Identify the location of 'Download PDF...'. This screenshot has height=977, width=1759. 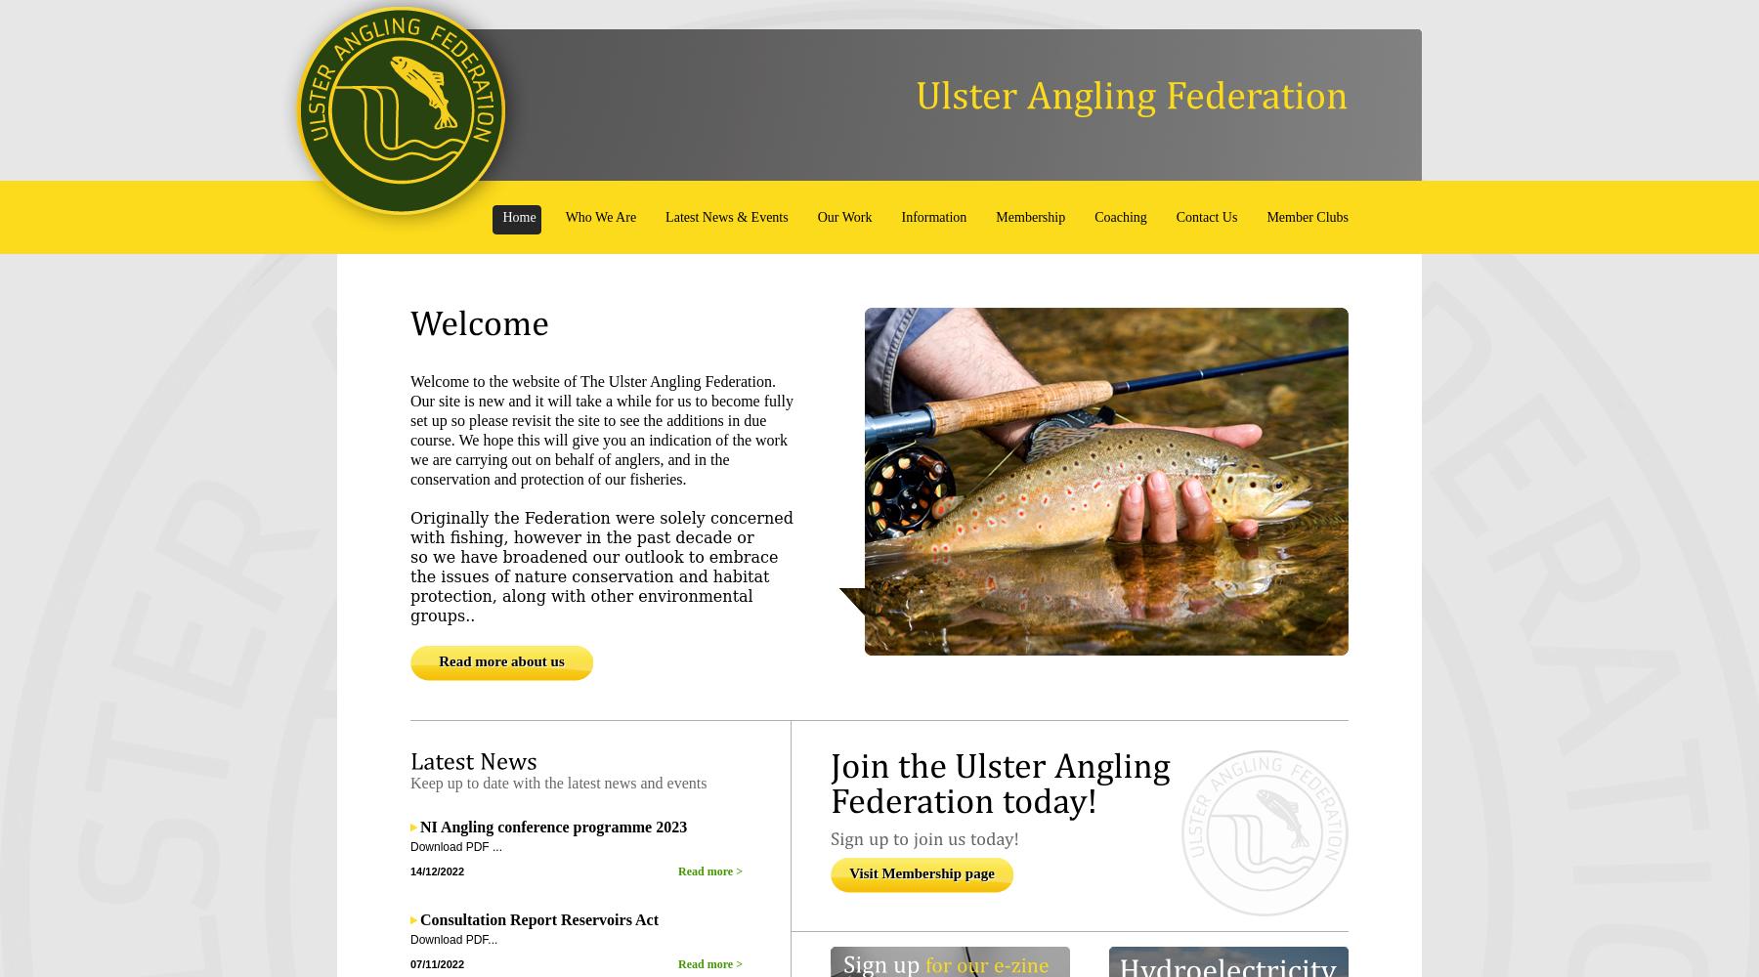
(452, 939).